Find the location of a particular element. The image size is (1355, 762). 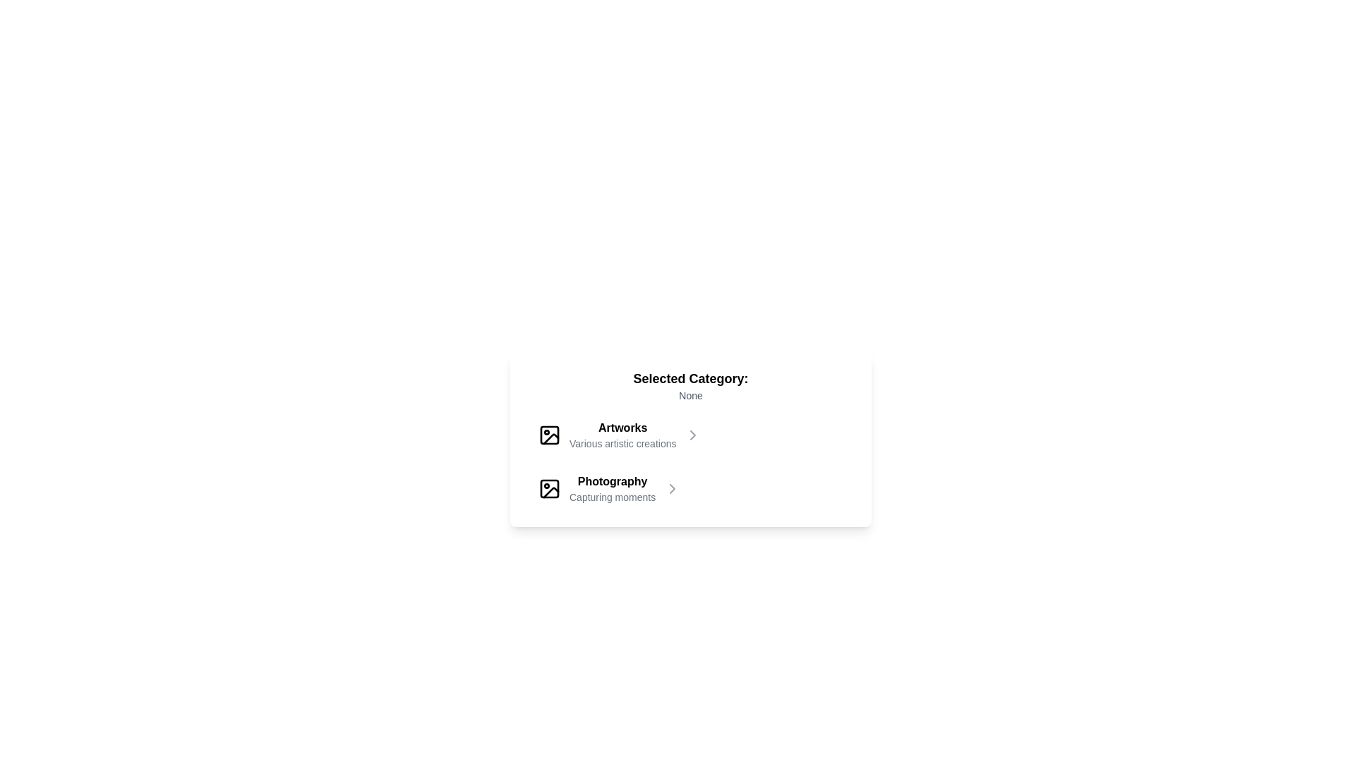

the square-shaped icon representing a photo or artwork, which is the leftmost icon in the 'Artworks' list item is located at coordinates (548, 435).